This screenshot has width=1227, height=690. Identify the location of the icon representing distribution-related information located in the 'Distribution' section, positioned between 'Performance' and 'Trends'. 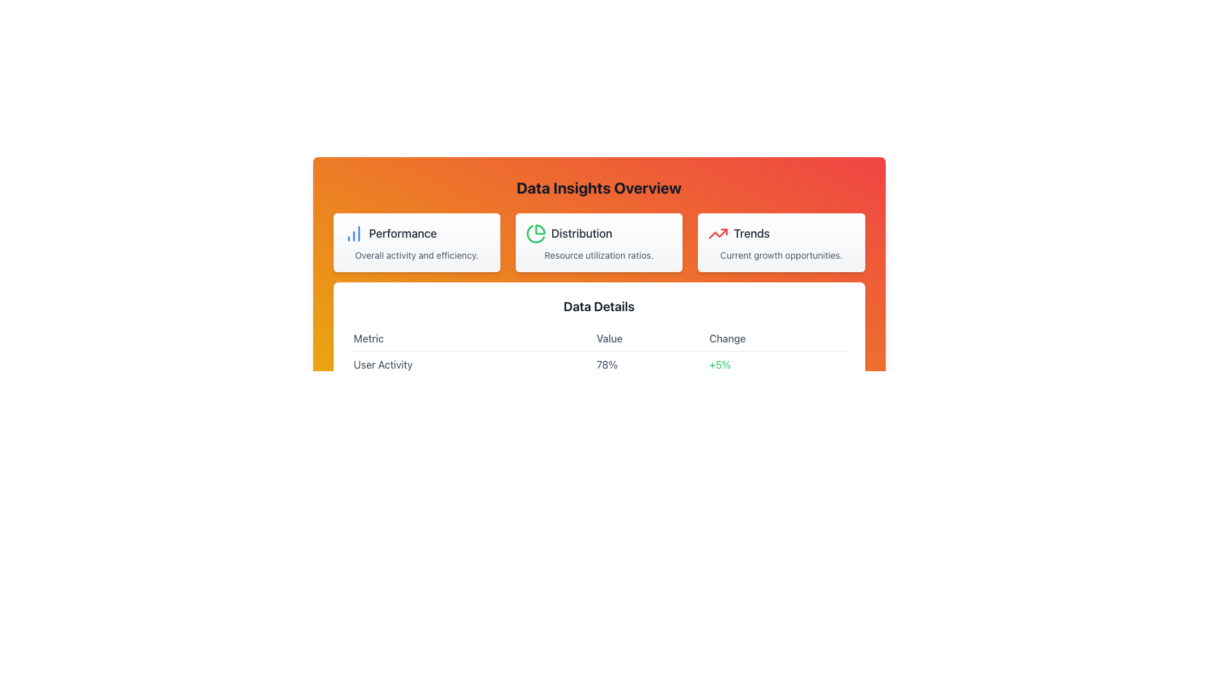
(536, 234).